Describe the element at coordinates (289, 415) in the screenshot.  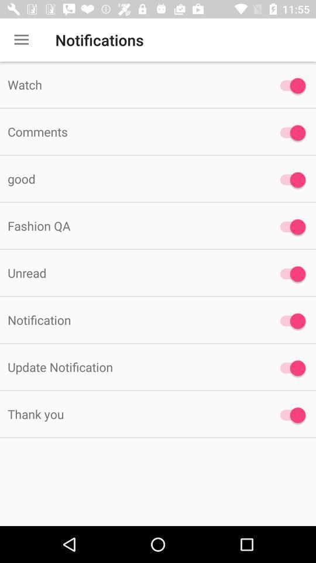
I see `turn on/off notification` at that location.